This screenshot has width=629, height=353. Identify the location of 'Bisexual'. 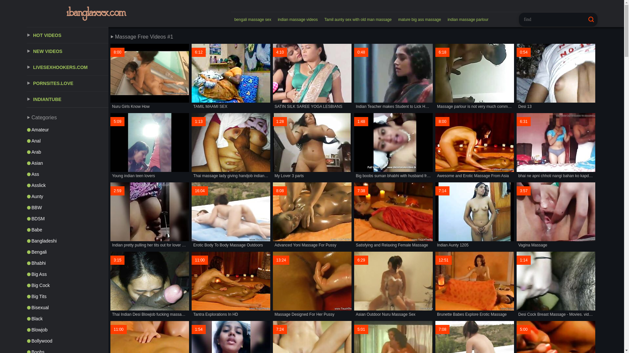
(26, 308).